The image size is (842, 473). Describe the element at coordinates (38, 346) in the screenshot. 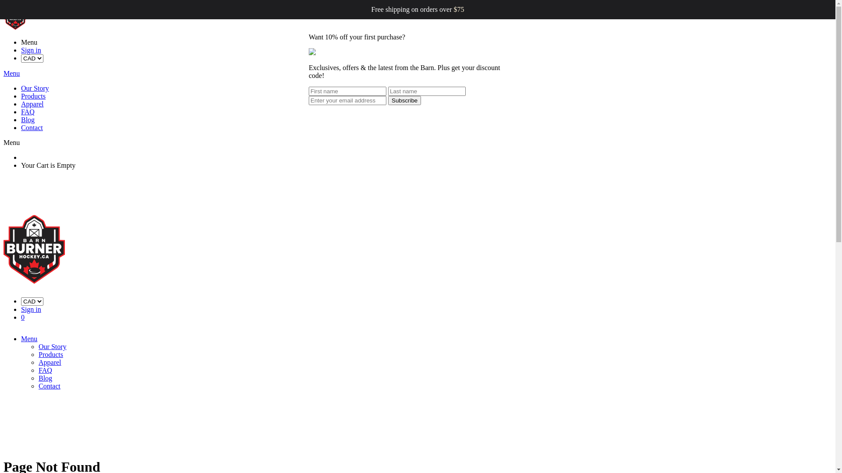

I see `'Our Story'` at that location.